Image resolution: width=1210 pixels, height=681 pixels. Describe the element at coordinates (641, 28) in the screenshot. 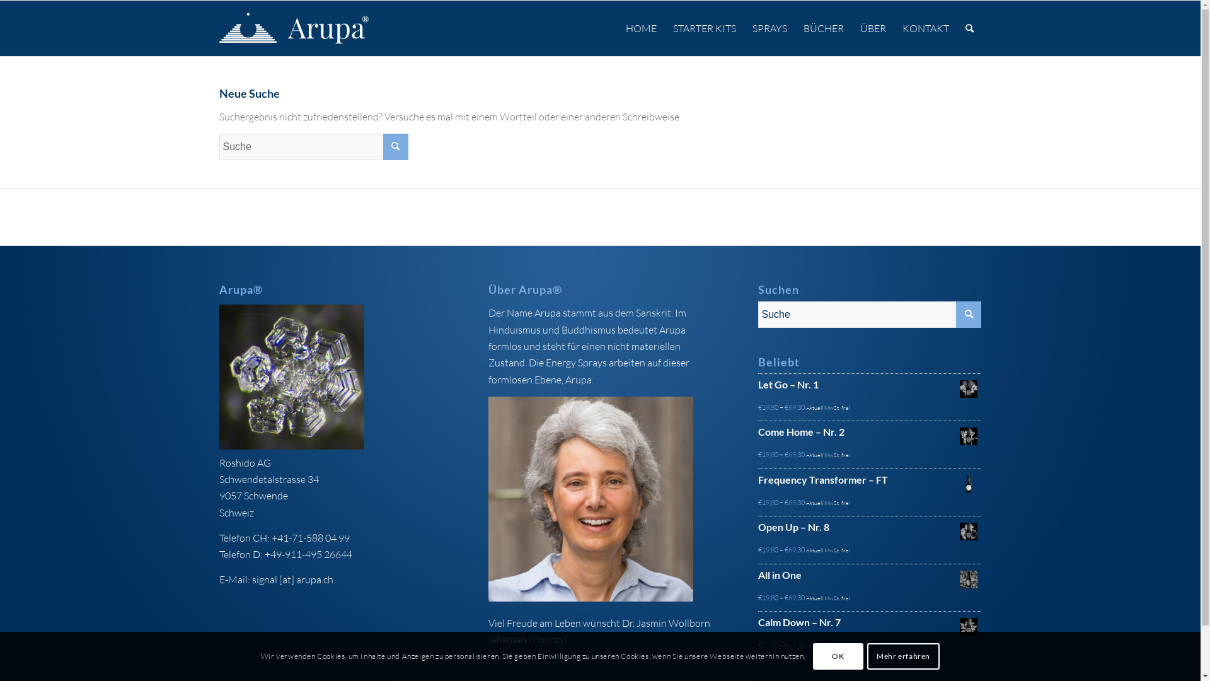

I see `'HOME'` at that location.